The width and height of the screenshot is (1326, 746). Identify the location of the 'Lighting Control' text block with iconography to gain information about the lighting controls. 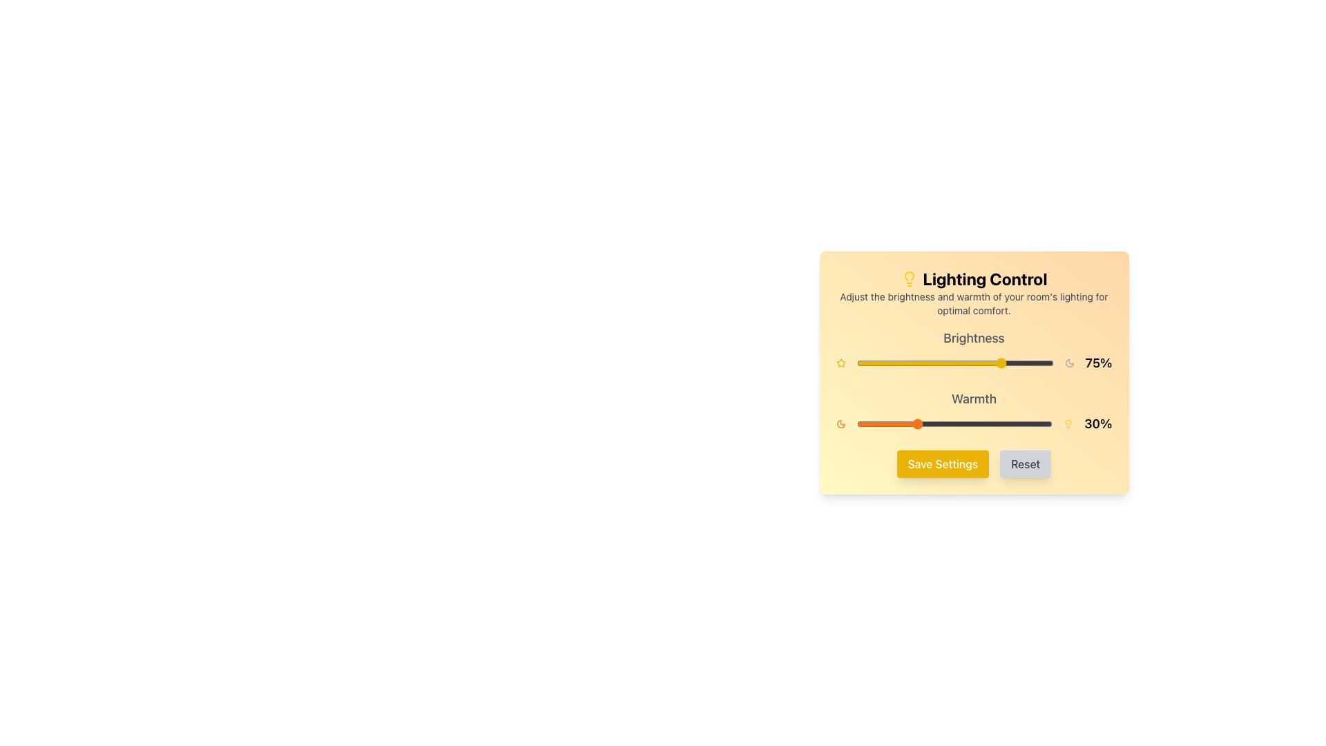
(973, 292).